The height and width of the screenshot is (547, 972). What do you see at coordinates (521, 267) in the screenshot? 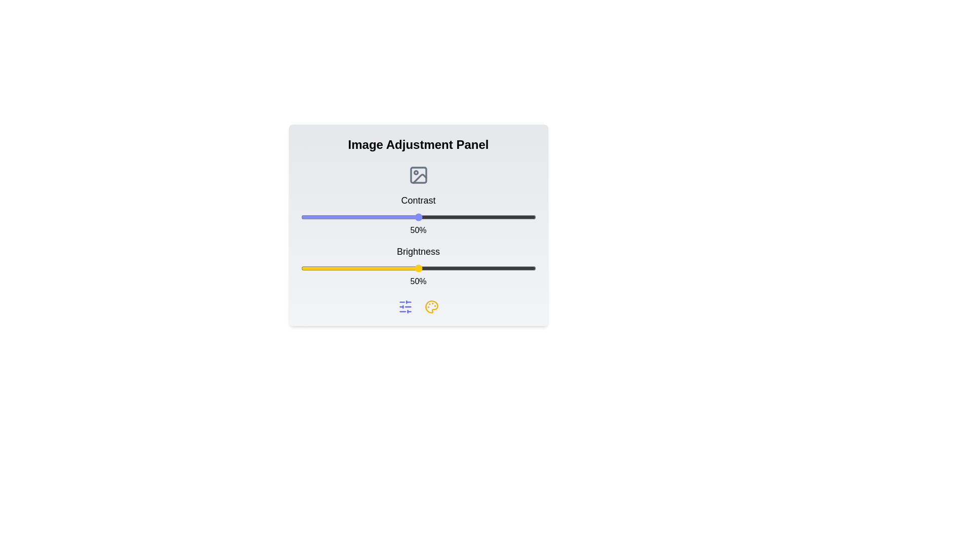
I see `the brightness slider to 94%` at bounding box center [521, 267].